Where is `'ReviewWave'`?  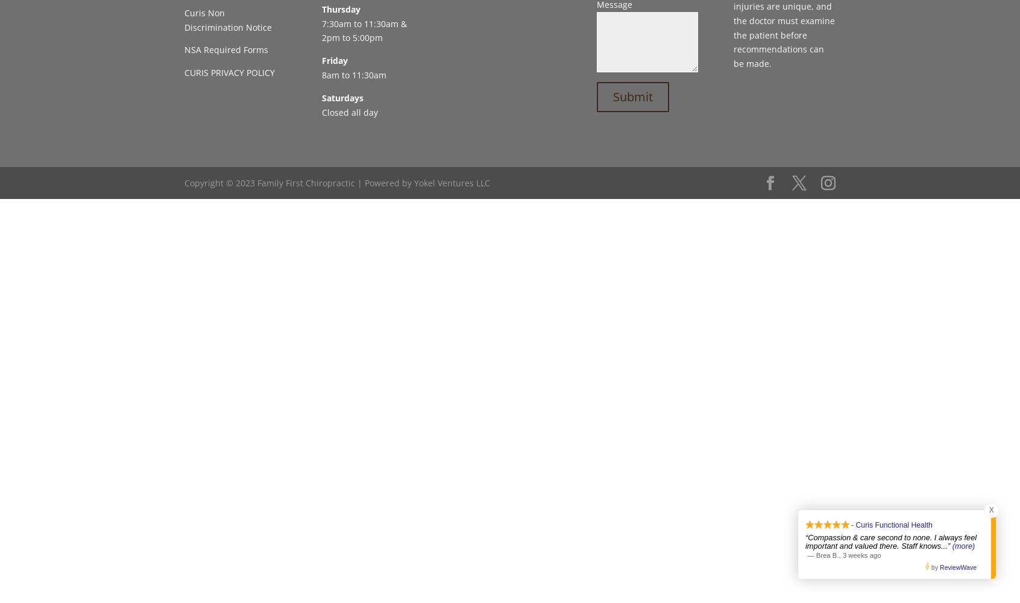 'ReviewWave' is located at coordinates (957, 567).